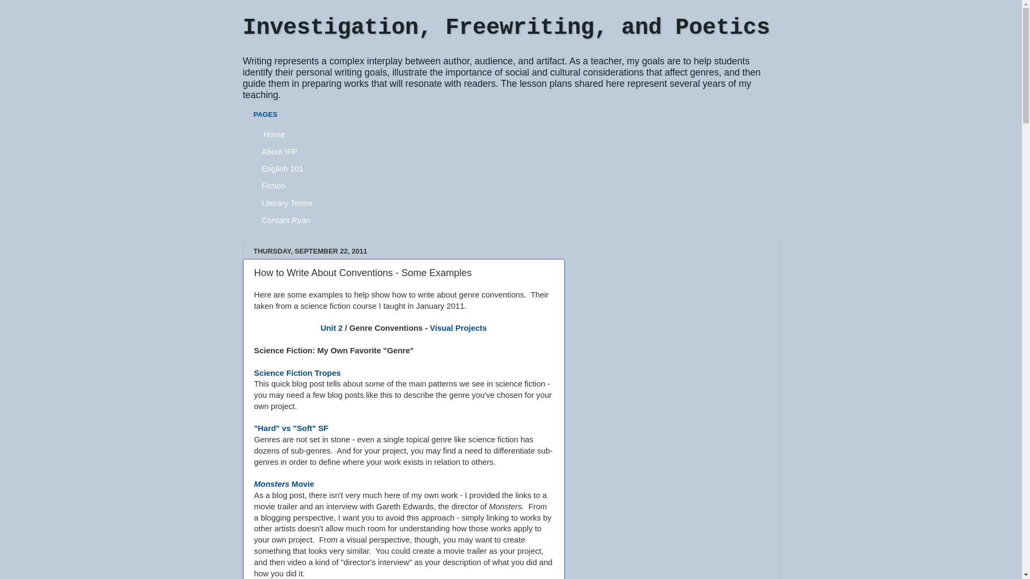  Describe the element at coordinates (254, 427) in the screenshot. I see `'"Hard" vs "Soft" SF'` at that location.